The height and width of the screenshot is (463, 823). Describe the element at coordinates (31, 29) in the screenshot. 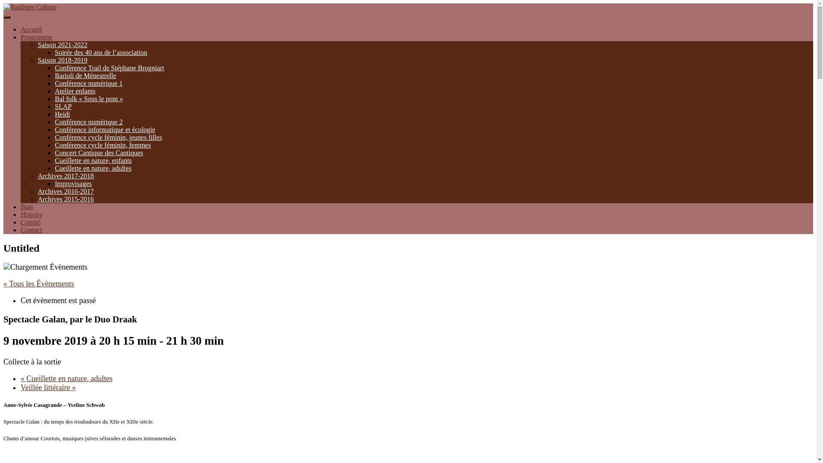

I see `'Accueil'` at that location.